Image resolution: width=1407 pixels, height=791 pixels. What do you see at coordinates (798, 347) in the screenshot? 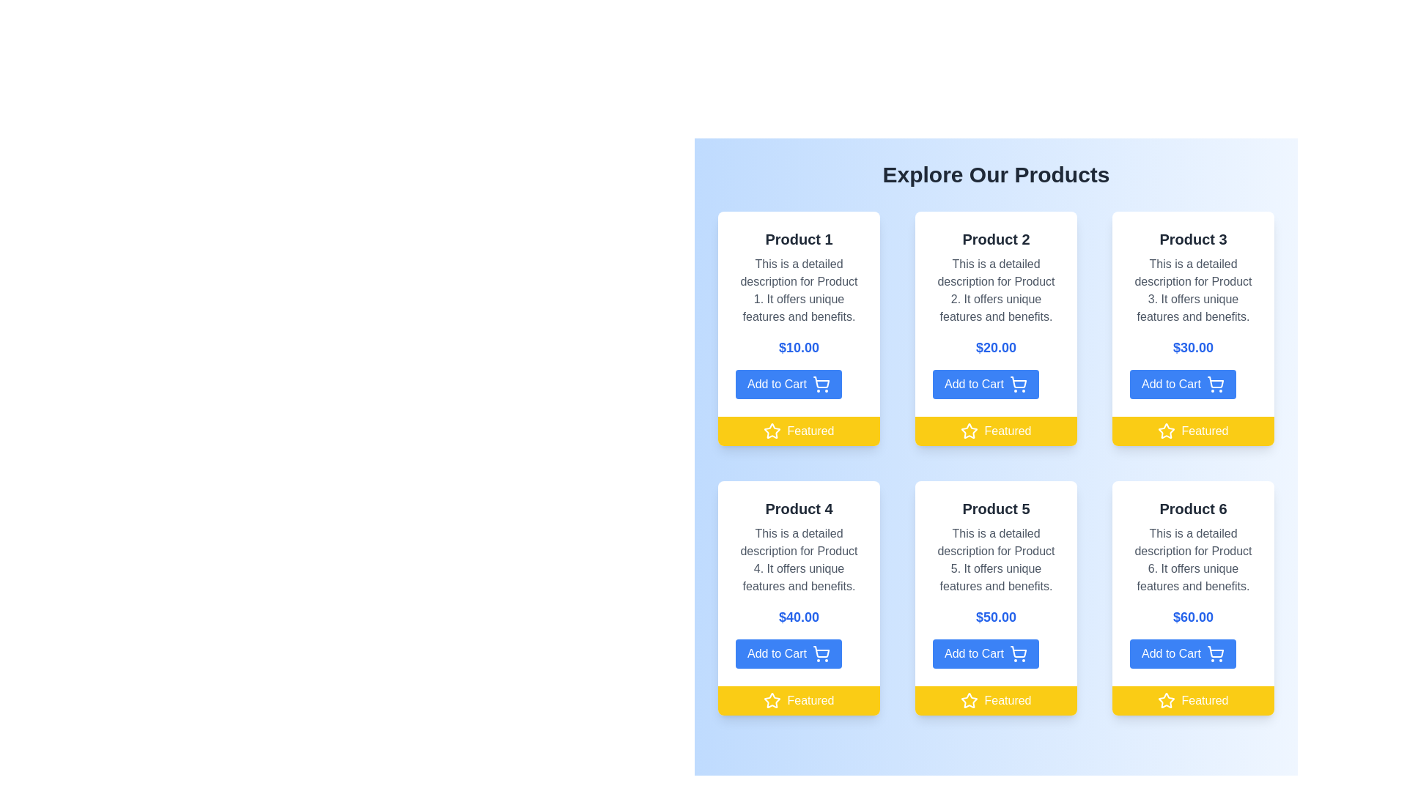
I see `the text label displaying the product price located in the upper-left corner of the first product card, positioned beneath the product description and above the 'Add to Cart' button` at bounding box center [798, 347].